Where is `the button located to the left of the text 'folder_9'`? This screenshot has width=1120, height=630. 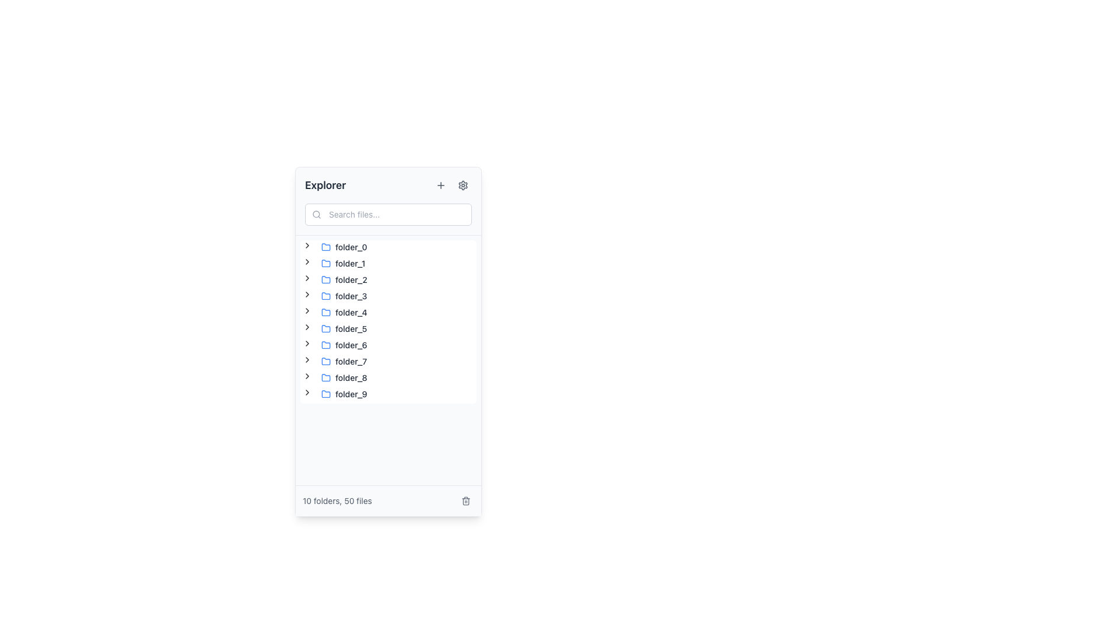 the button located to the left of the text 'folder_9' is located at coordinates (307, 394).